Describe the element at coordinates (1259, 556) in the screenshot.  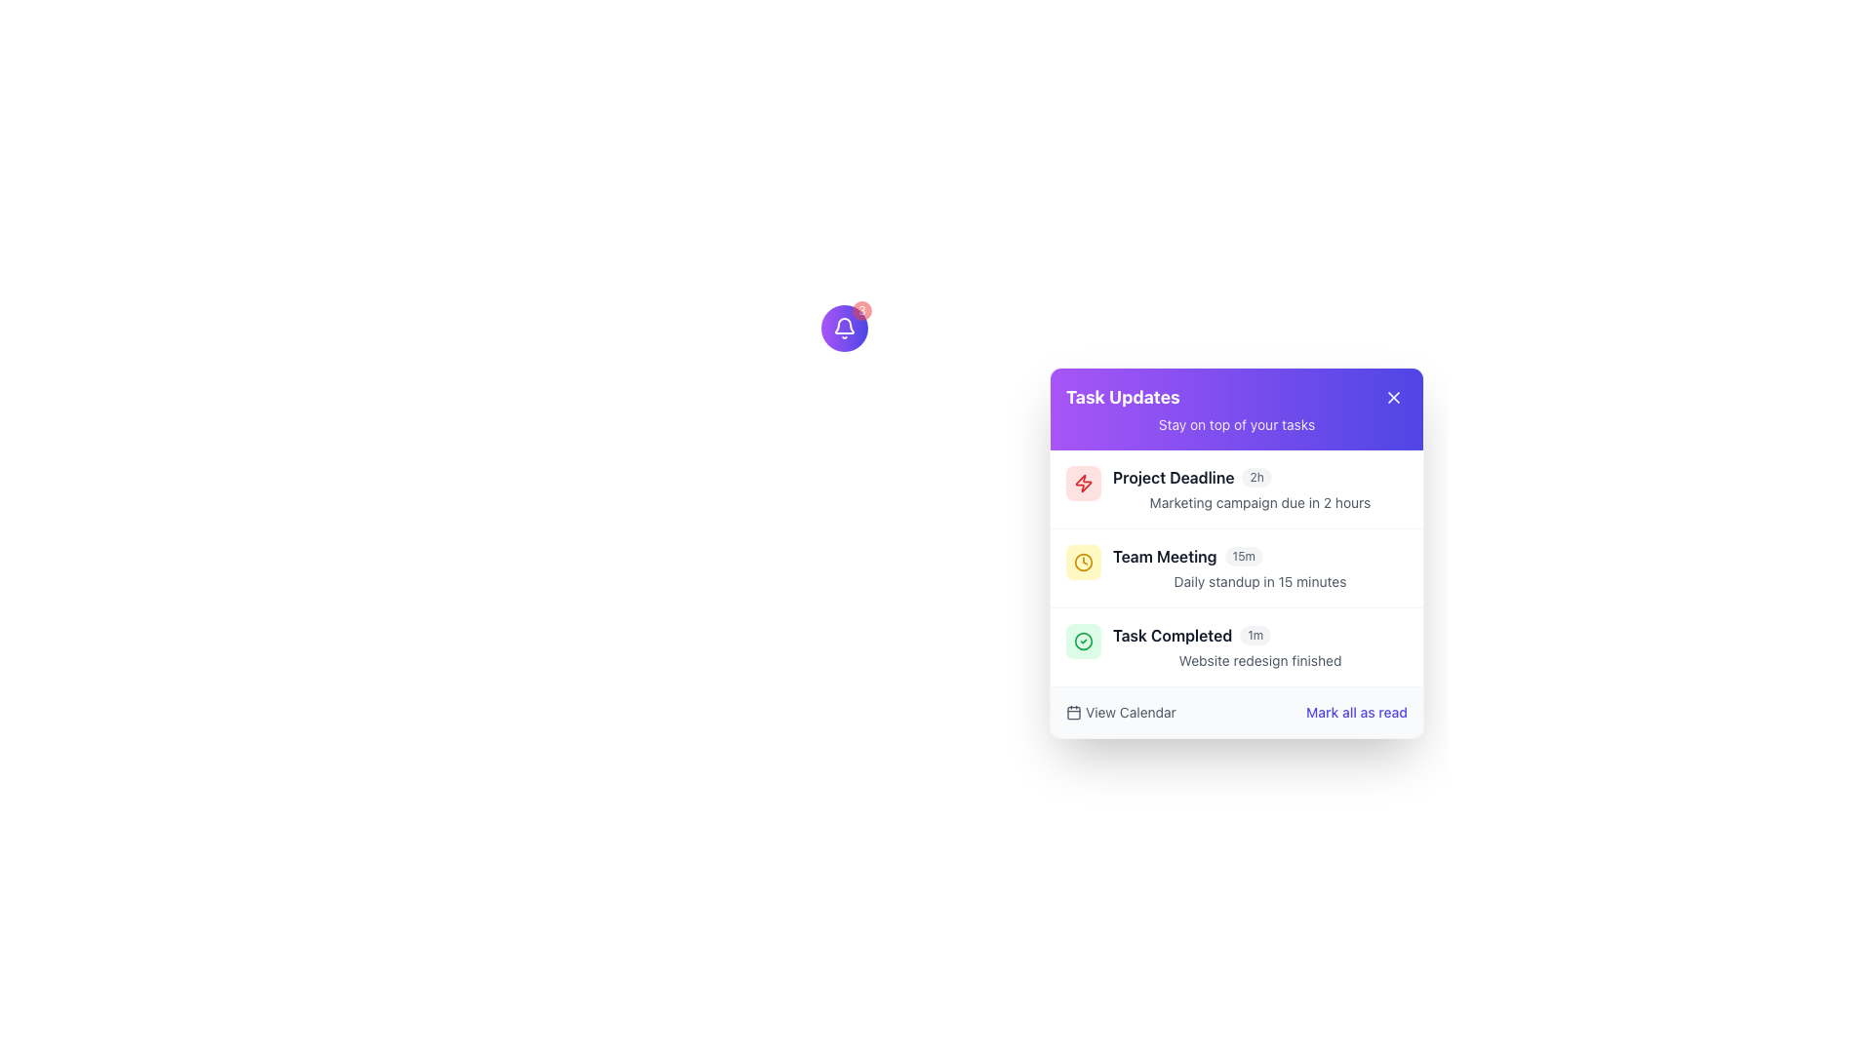
I see `the 'Team Meeting' notification entry in the 'Task Updates' section` at that location.